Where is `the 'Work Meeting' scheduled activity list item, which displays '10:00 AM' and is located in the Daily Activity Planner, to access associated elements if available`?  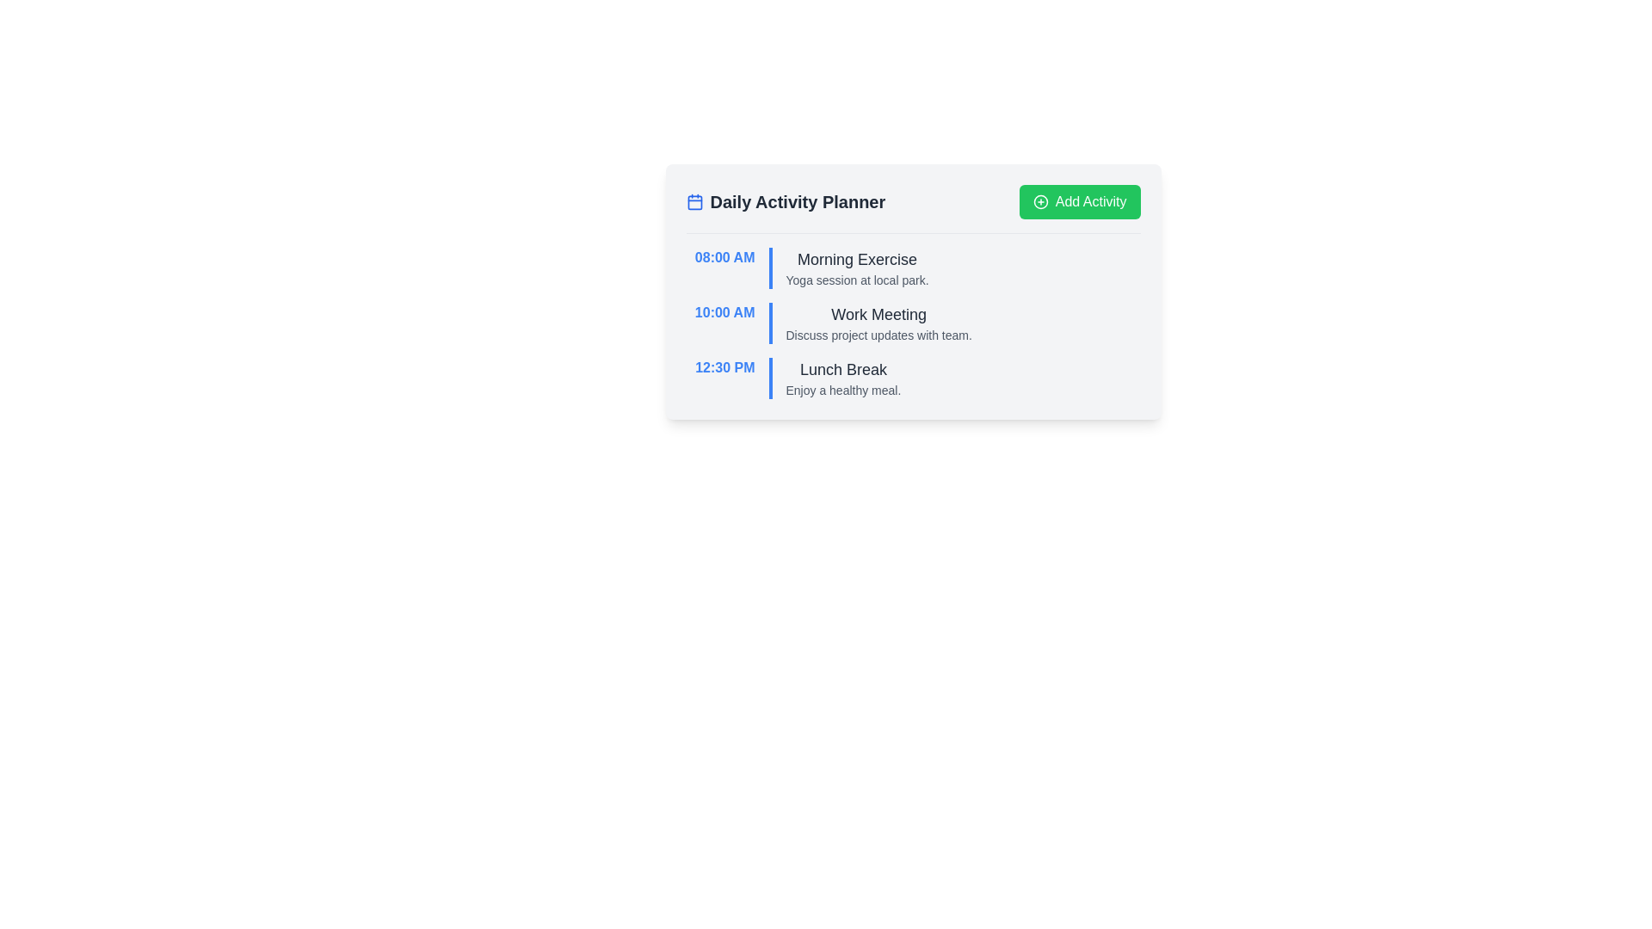
the 'Work Meeting' scheduled activity list item, which displays '10:00 AM' and is located in the Daily Activity Planner, to access associated elements if available is located at coordinates (912, 323).